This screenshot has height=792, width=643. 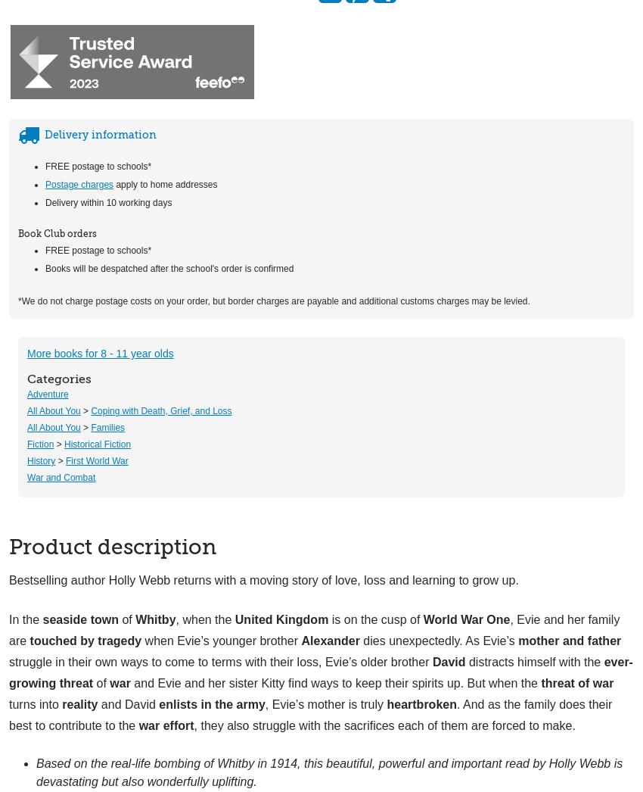 What do you see at coordinates (421, 703) in the screenshot?
I see `'heartbroken'` at bounding box center [421, 703].